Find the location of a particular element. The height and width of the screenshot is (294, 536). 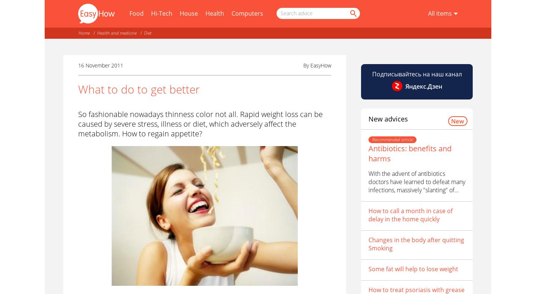

'Diet' is located at coordinates (143, 33).